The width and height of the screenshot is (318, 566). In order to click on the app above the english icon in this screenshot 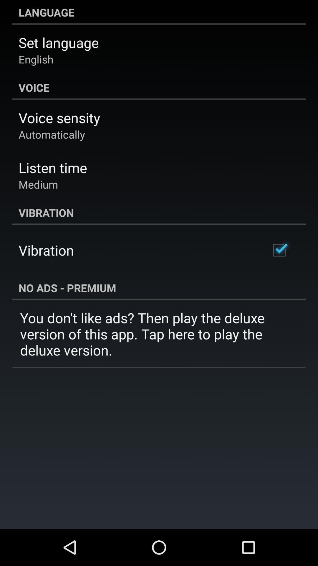, I will do `click(59, 42)`.